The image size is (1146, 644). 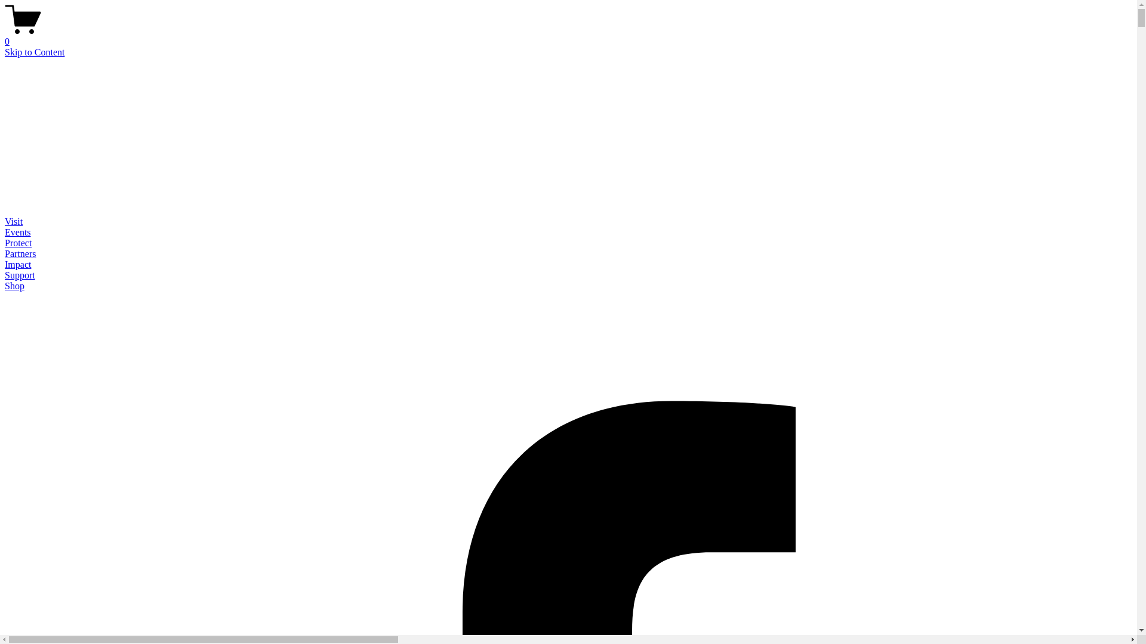 I want to click on 'Protect', so click(x=5, y=242).